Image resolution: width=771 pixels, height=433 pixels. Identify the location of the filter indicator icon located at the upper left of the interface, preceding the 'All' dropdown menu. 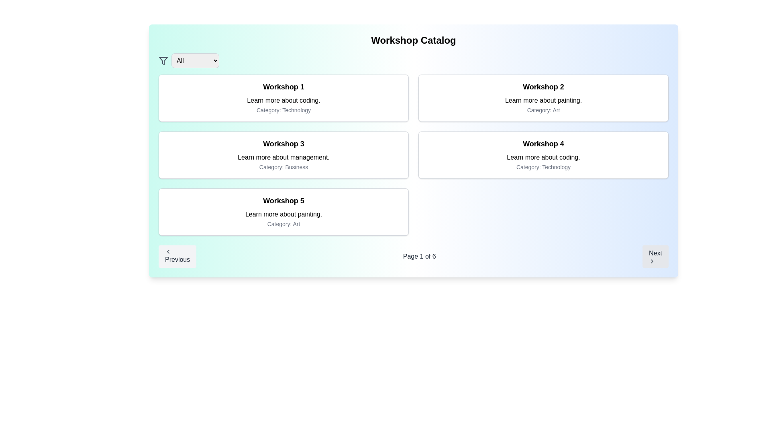
(163, 60).